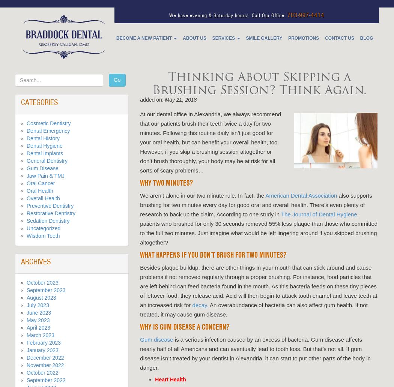  What do you see at coordinates (26, 312) in the screenshot?
I see `'June 2023'` at bounding box center [26, 312].